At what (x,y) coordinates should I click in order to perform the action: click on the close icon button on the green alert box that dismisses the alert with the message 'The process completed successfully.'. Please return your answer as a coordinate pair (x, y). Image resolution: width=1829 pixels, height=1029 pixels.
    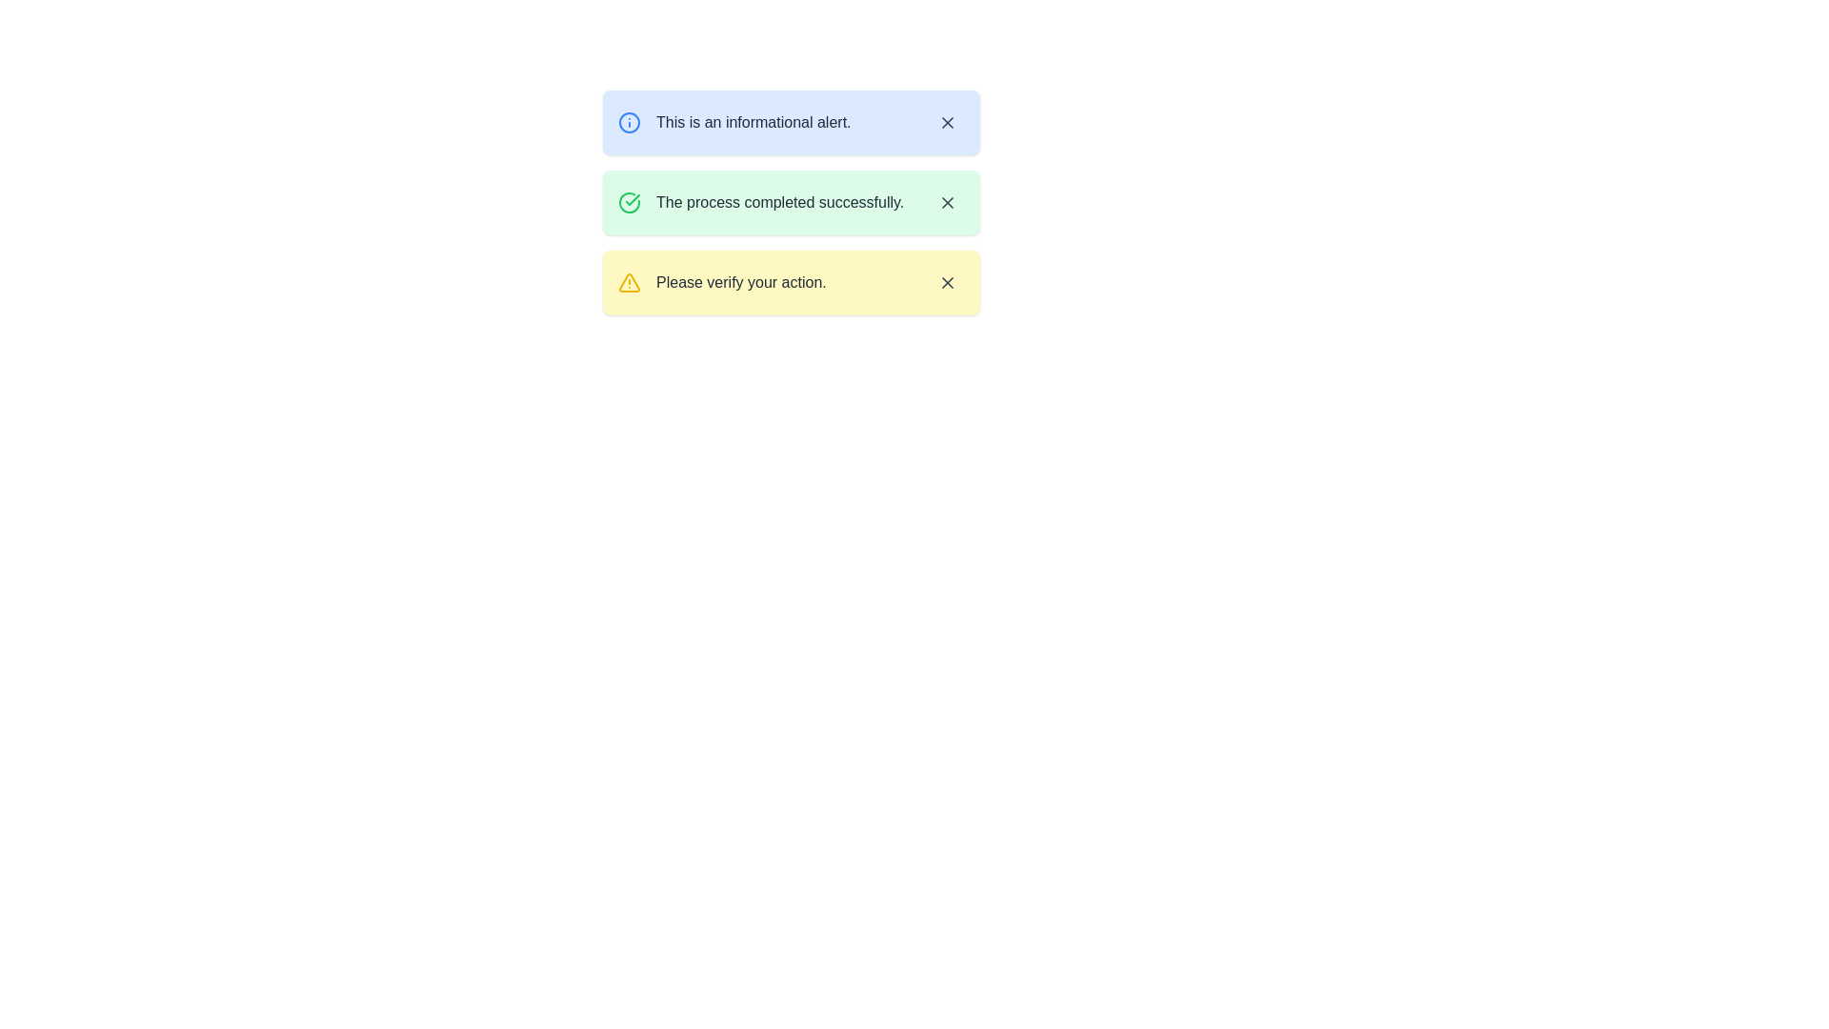
    Looking at the image, I should click on (947, 202).